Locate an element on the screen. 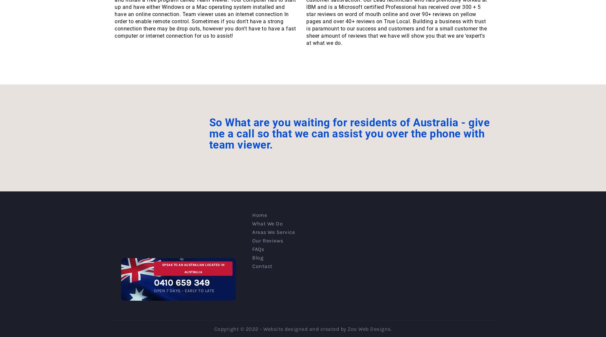 This screenshot has height=337, width=606. 'Contact' is located at coordinates (262, 265).